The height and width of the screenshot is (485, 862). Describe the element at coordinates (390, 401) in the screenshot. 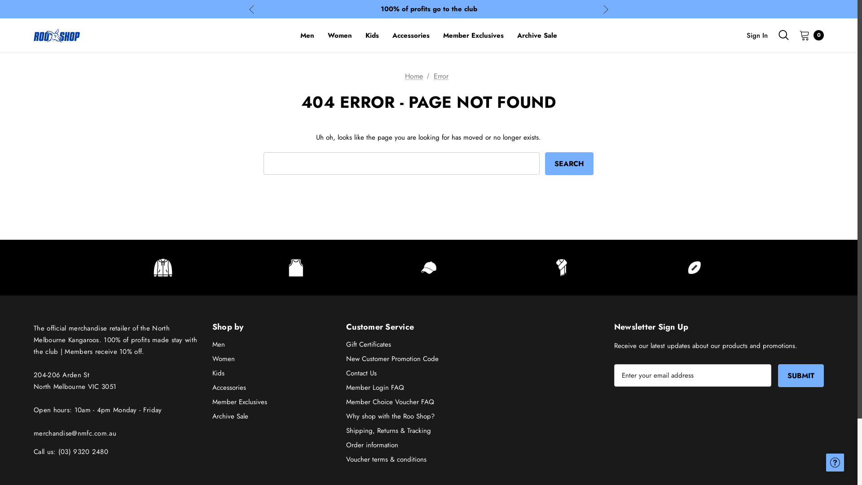

I see `'Member Choice Voucher FAQ'` at that location.